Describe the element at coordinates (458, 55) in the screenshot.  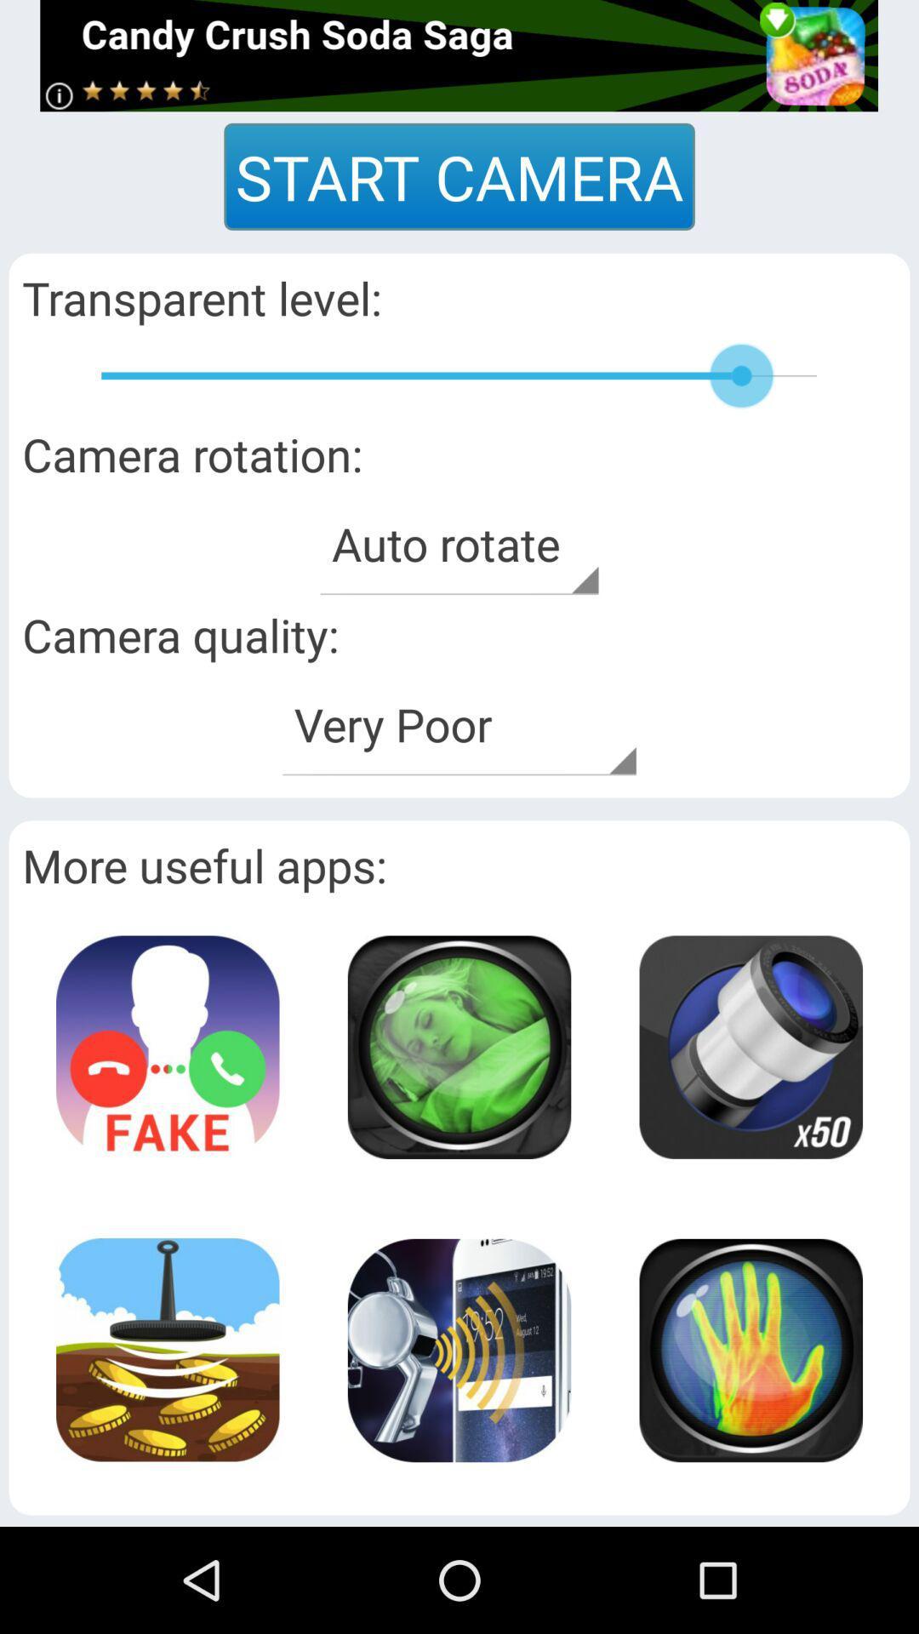
I see `advertisement page` at that location.